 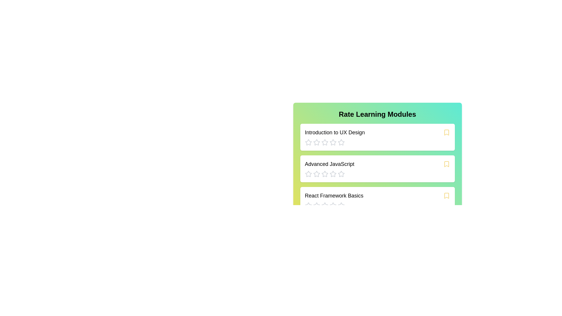 I want to click on the module card titled 'React Framework Basics' to explore its content, so click(x=377, y=200).